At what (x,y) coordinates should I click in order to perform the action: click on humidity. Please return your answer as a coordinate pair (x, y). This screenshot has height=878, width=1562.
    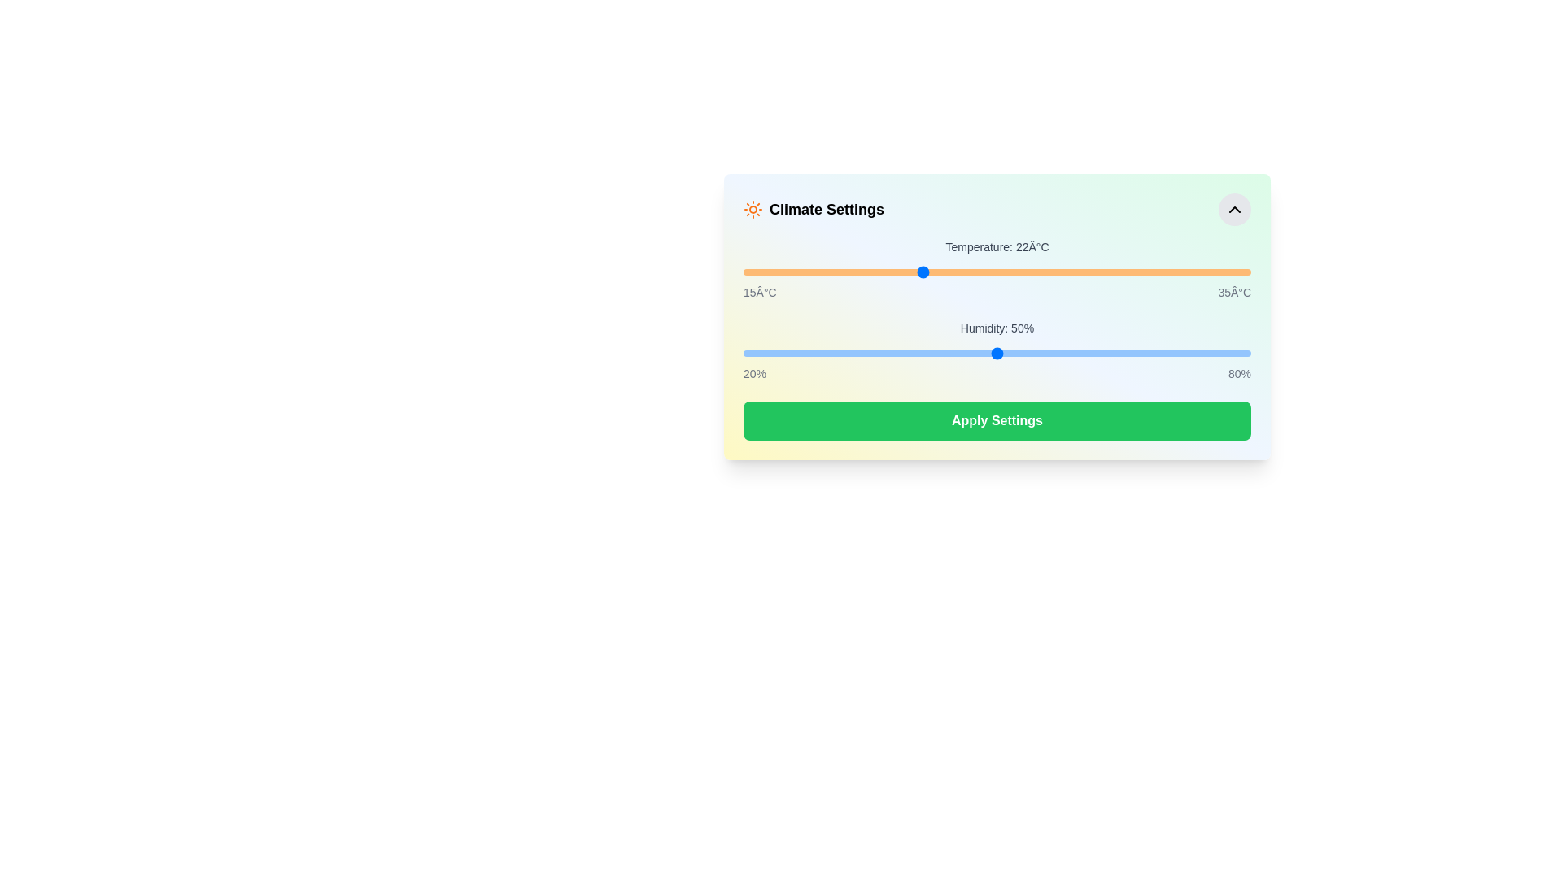
    Looking at the image, I should click on (742, 353).